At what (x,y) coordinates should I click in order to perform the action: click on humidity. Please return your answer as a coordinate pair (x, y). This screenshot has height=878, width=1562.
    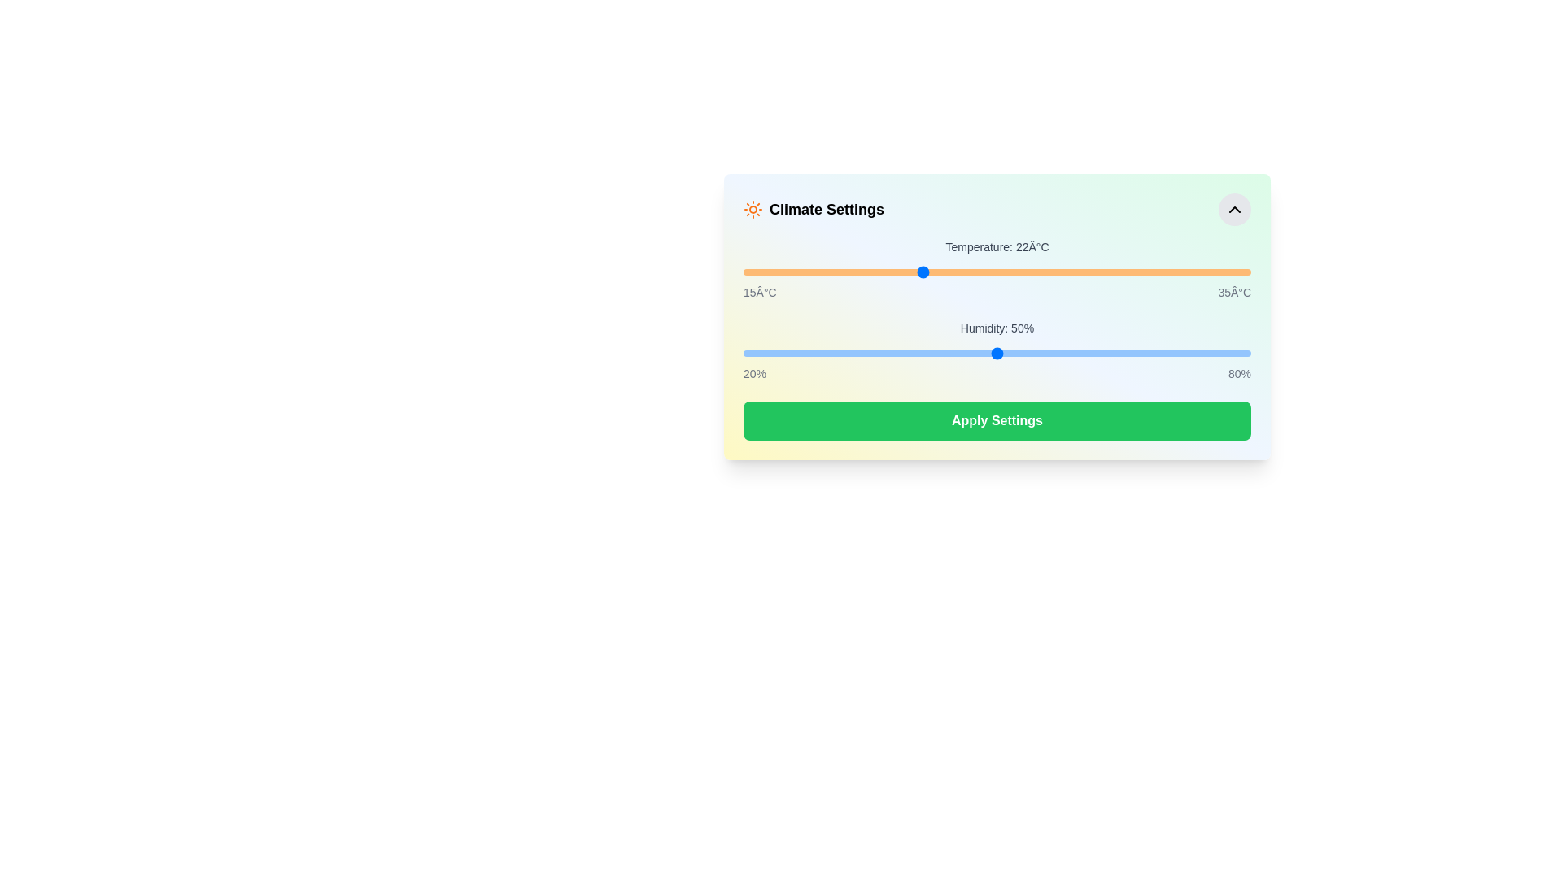
    Looking at the image, I should click on (742, 353).